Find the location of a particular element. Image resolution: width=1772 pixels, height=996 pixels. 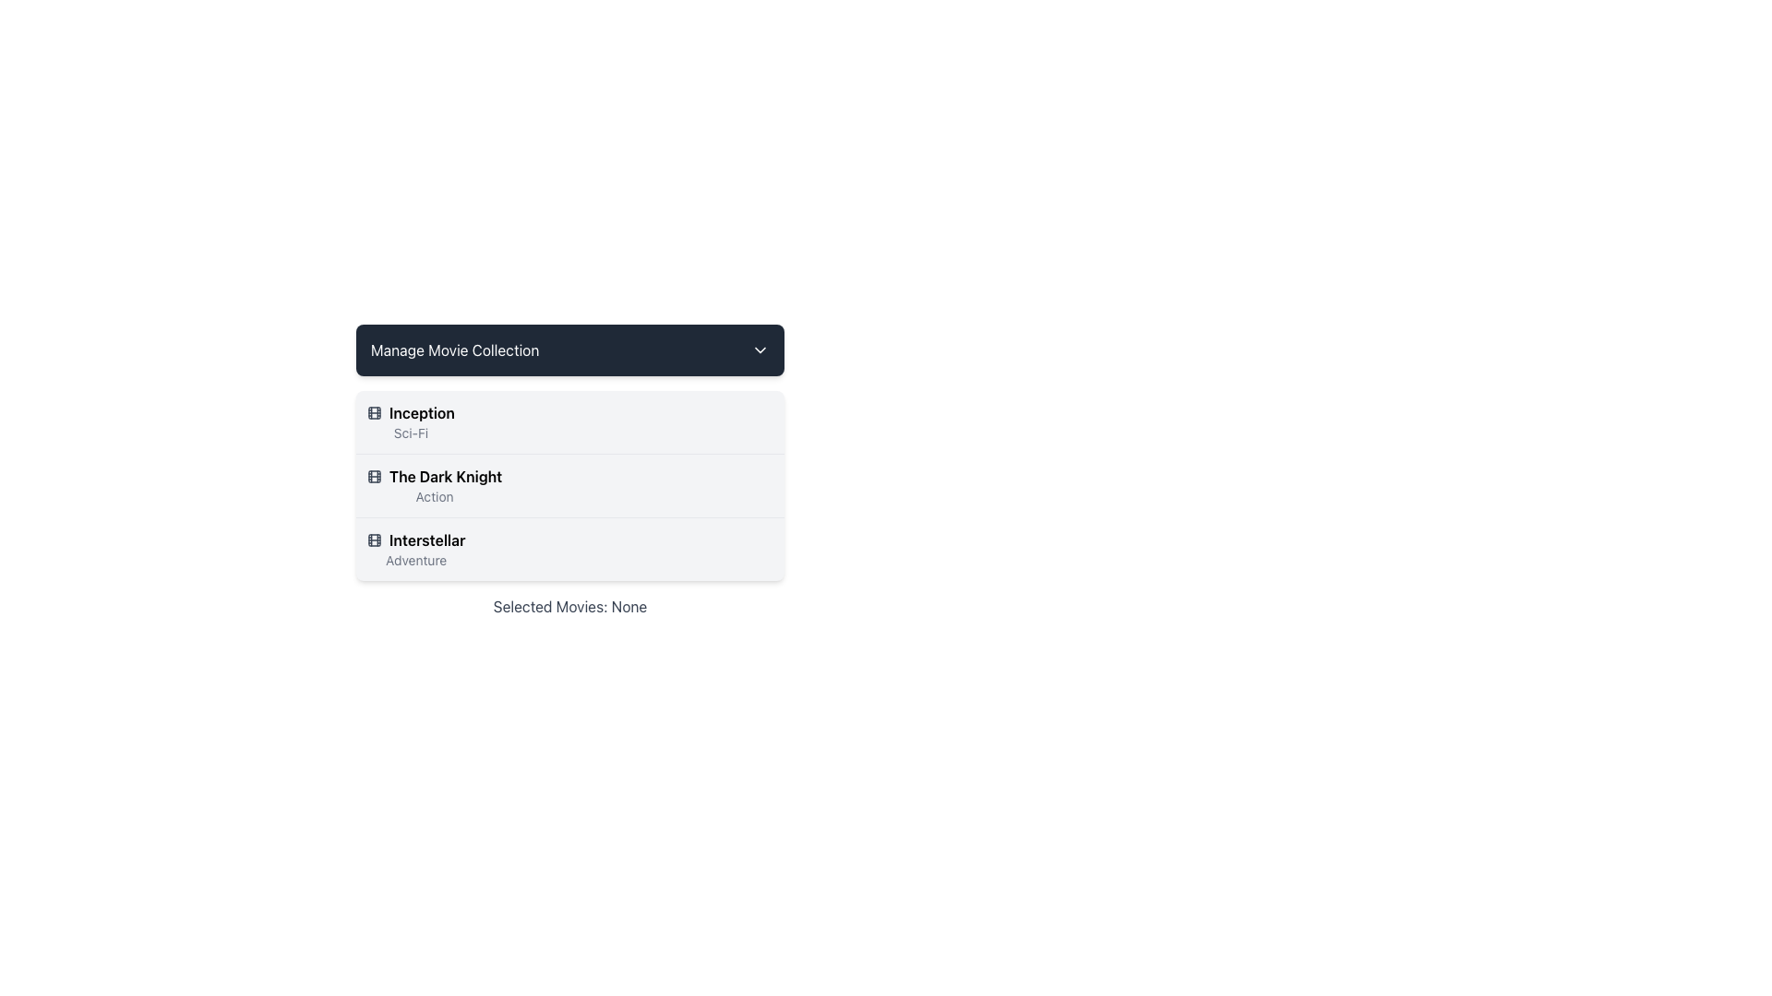

the small chevron-down icon located at the right-end of the 'Manage Movie Collection' header bar is located at coordinates (760, 350).